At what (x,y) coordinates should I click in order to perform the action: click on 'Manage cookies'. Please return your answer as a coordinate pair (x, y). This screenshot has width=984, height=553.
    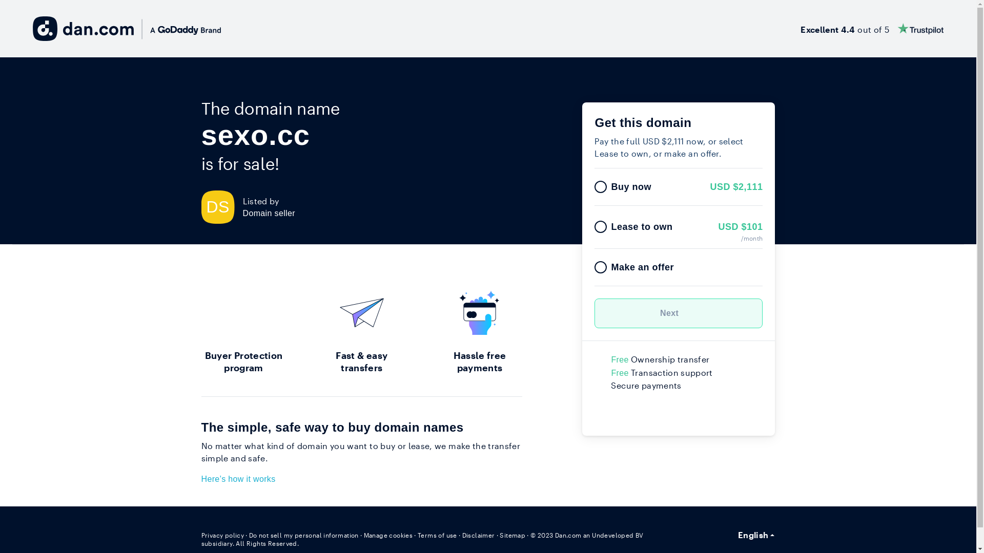
    Looking at the image, I should click on (364, 535).